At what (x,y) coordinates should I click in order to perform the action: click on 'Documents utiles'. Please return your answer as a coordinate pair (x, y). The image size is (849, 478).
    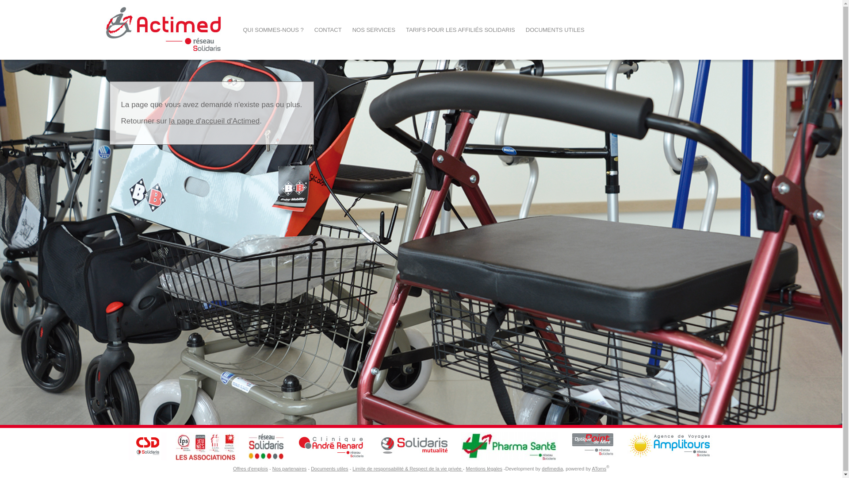
    Looking at the image, I should click on (329, 468).